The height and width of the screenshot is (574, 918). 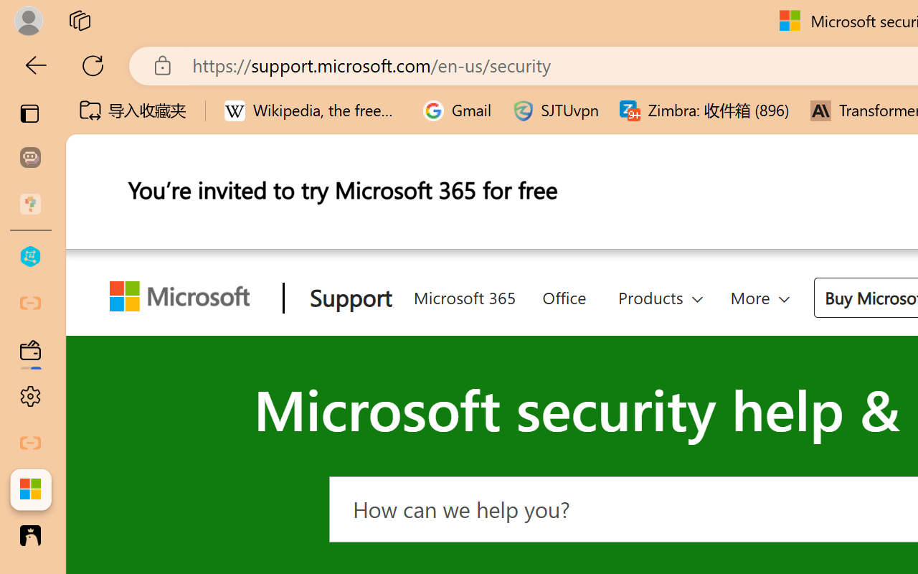 I want to click on 'wangyian_dsw - DSW', so click(x=30, y=257).